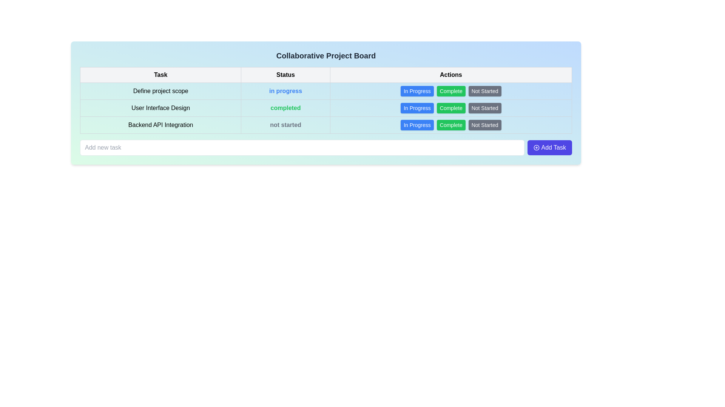 This screenshot has height=407, width=725. What do you see at coordinates (160, 108) in the screenshot?
I see `the text label that displays 'User Interface Design' in the second row, first column of the task management table` at bounding box center [160, 108].